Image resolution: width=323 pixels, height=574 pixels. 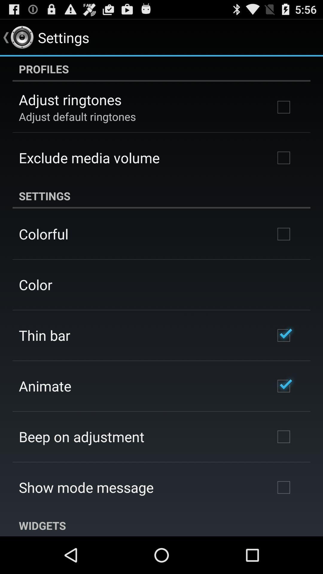 I want to click on item above the show mode message item, so click(x=82, y=436).